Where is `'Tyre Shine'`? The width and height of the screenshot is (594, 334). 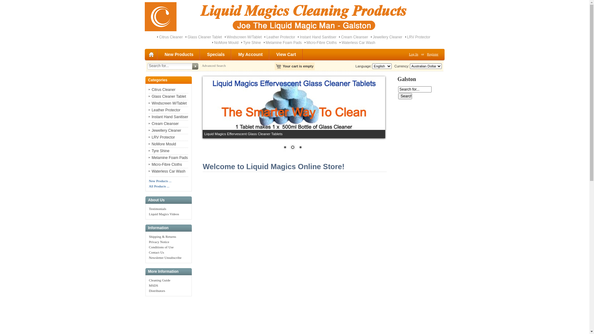 'Tyre Shine' is located at coordinates (241, 42).